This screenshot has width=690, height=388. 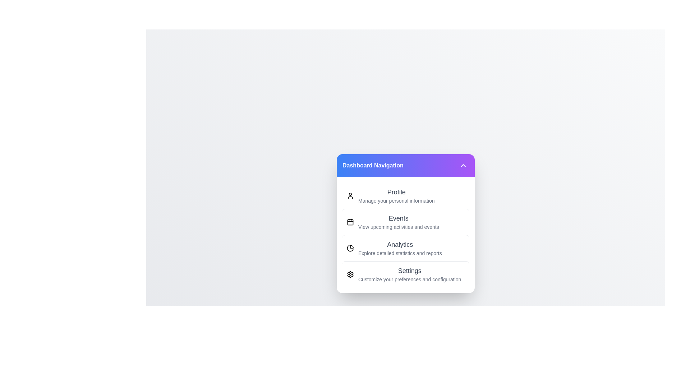 I want to click on the menu item labeled 'Events' to preview its hover state, so click(x=405, y=221).